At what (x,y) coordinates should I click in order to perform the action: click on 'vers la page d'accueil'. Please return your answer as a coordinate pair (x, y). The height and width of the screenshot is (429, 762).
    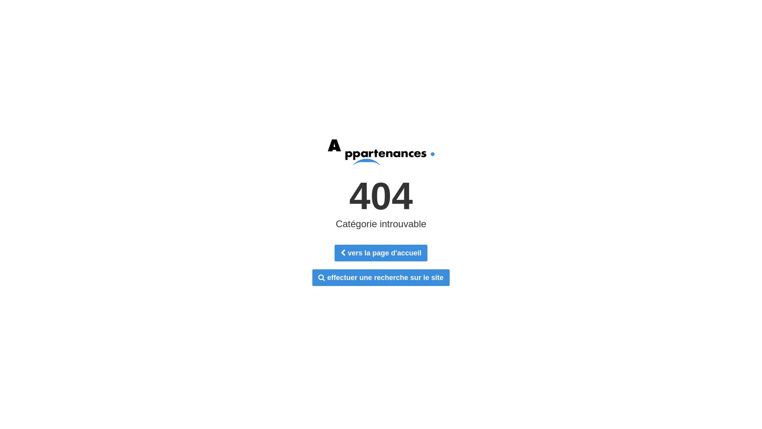
    Looking at the image, I should click on (380, 253).